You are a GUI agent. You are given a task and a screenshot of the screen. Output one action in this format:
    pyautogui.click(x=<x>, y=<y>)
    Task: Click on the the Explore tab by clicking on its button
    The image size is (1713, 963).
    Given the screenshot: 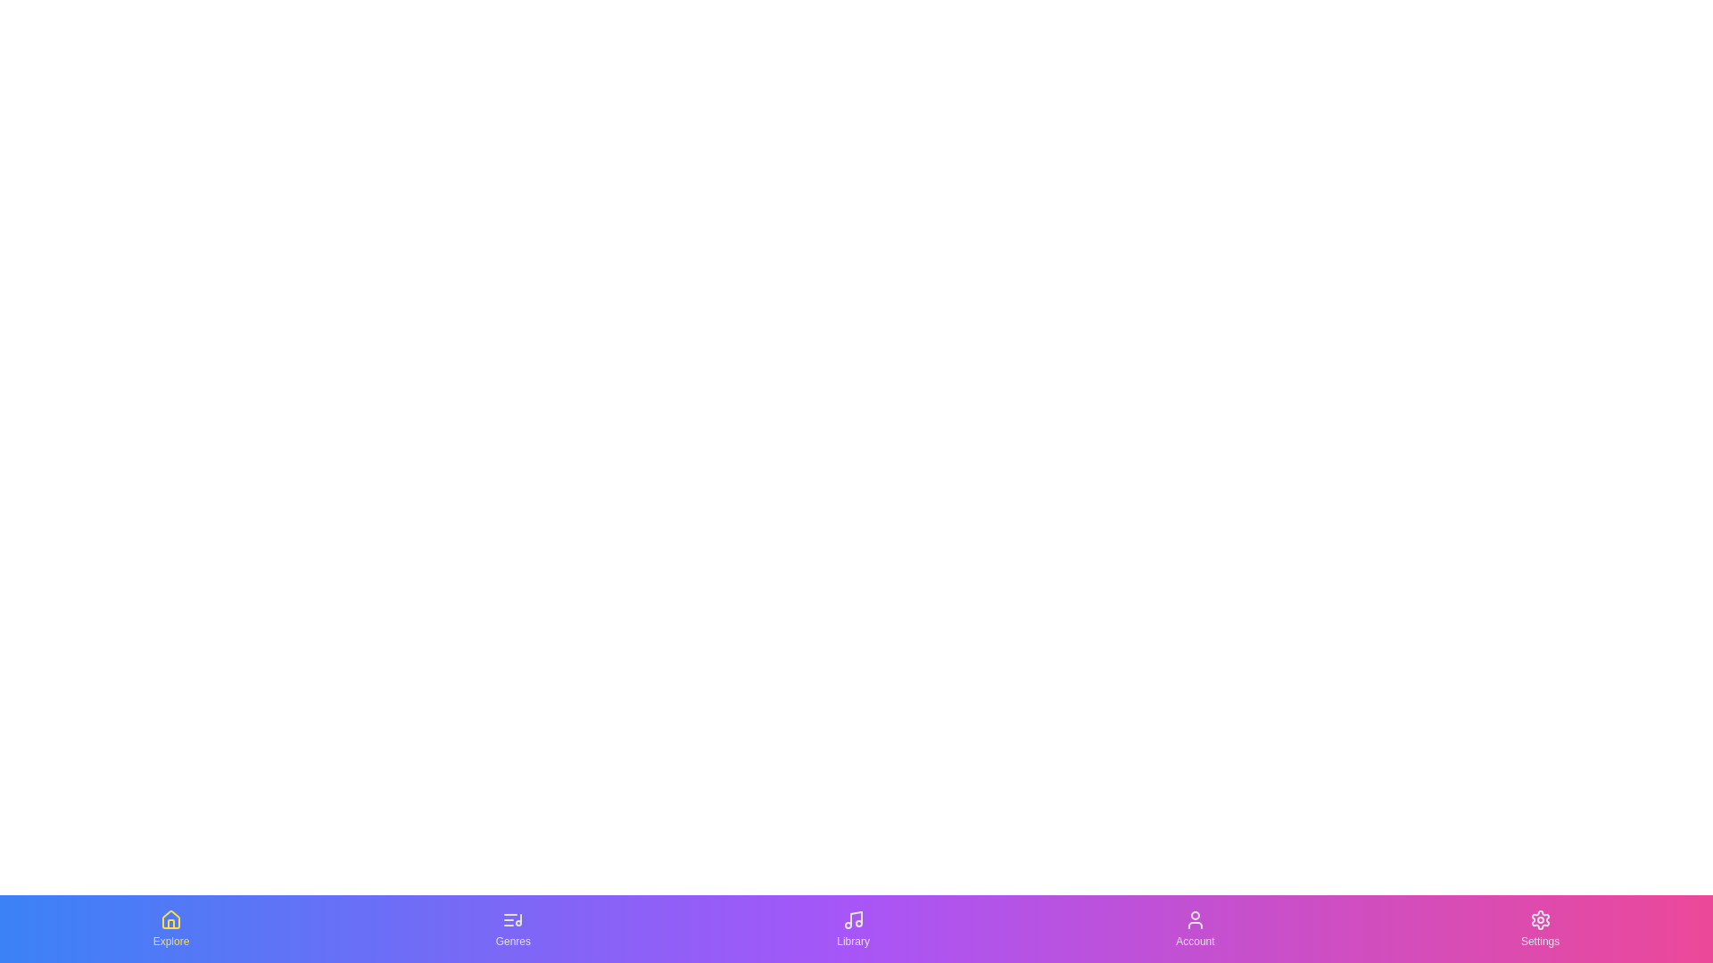 What is the action you would take?
    pyautogui.click(x=171, y=927)
    